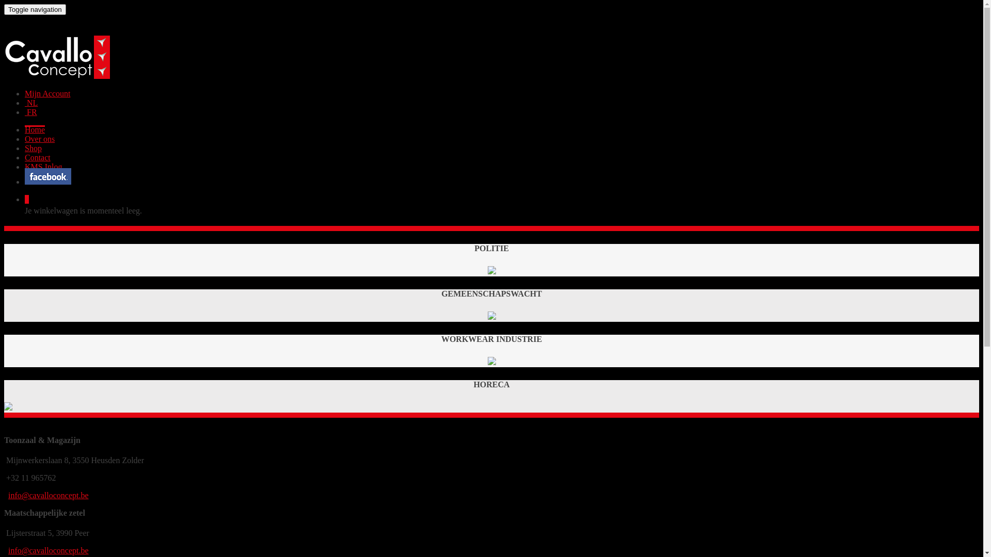 This screenshot has width=991, height=557. Describe the element at coordinates (25, 103) in the screenshot. I see `' NL'` at that location.